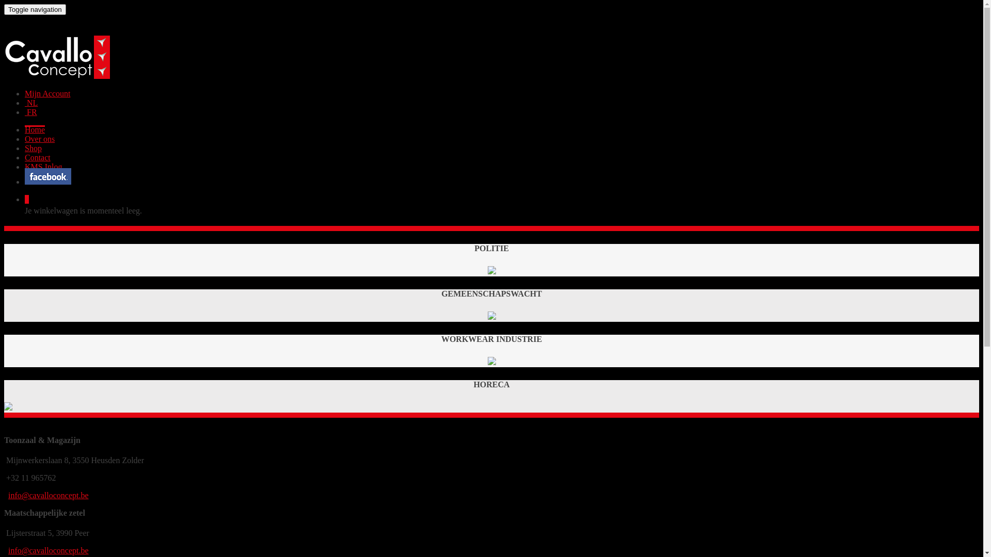 This screenshot has width=991, height=557. Describe the element at coordinates (25, 103) in the screenshot. I see `' NL'` at that location.